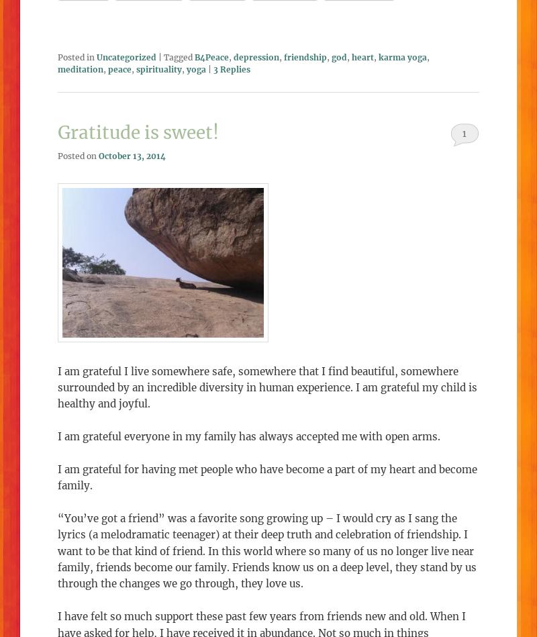 This screenshot has height=637, width=537. What do you see at coordinates (75, 56) in the screenshot?
I see `'Posted in'` at bounding box center [75, 56].